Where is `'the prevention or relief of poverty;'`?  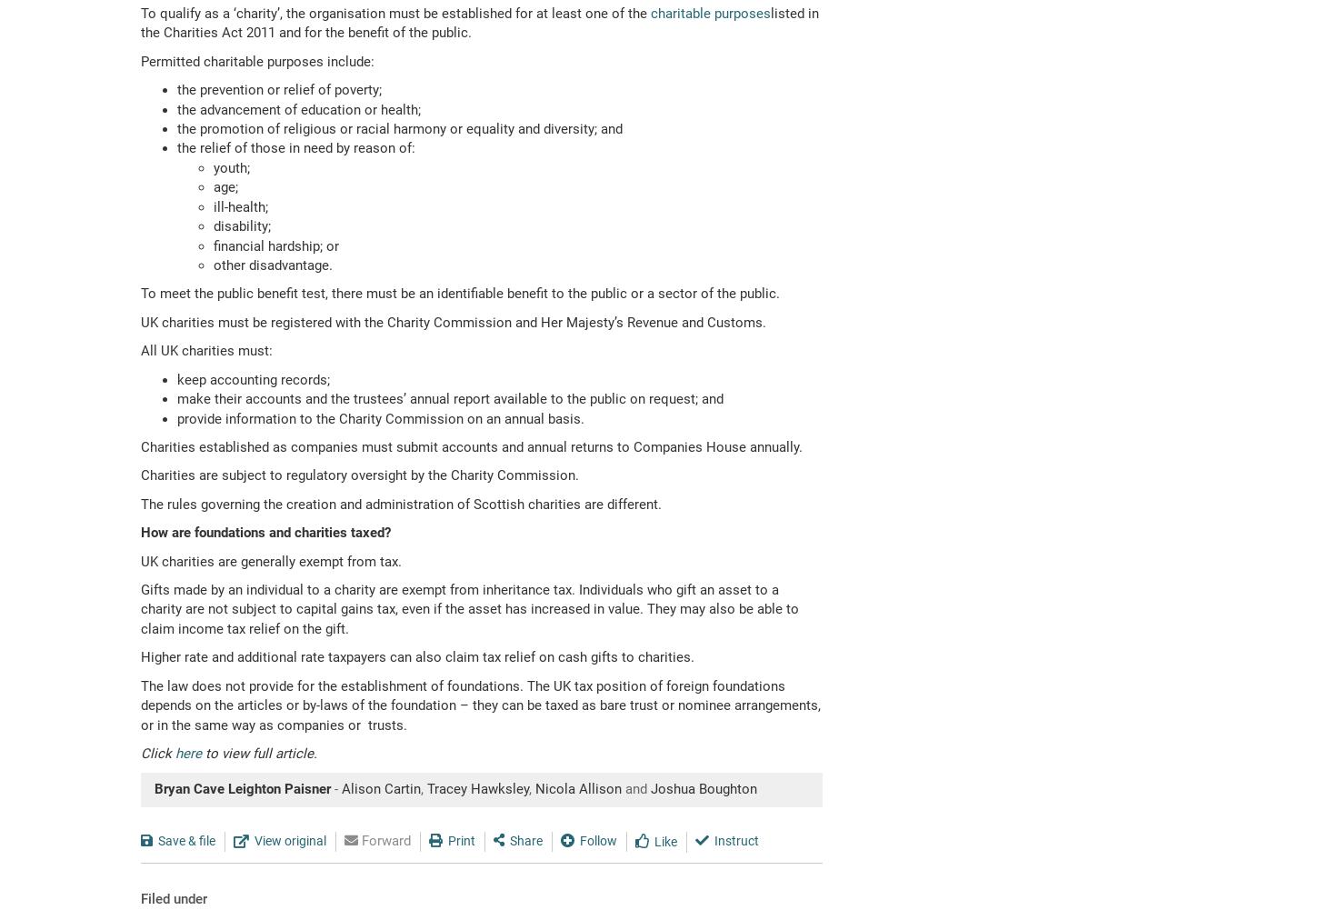
'the prevention or relief of poverty;' is located at coordinates (279, 88).